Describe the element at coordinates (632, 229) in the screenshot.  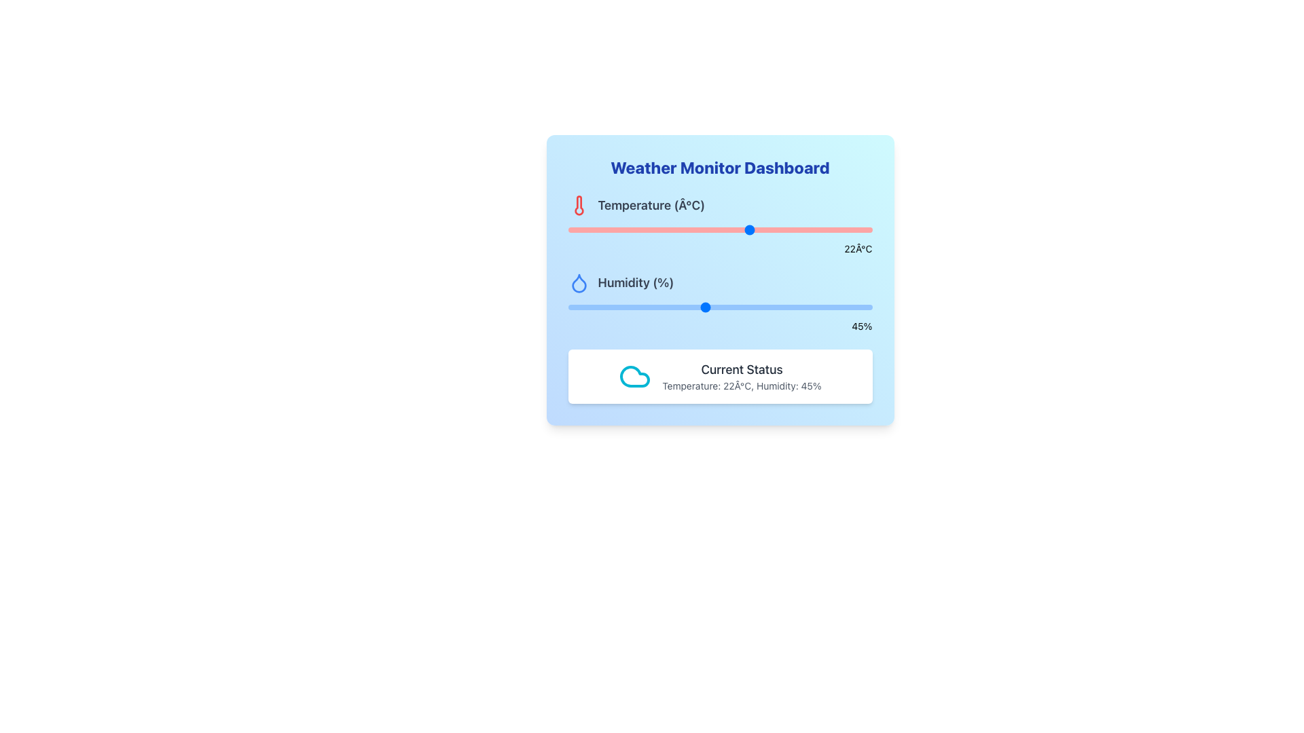
I see `the temperature slider` at that location.